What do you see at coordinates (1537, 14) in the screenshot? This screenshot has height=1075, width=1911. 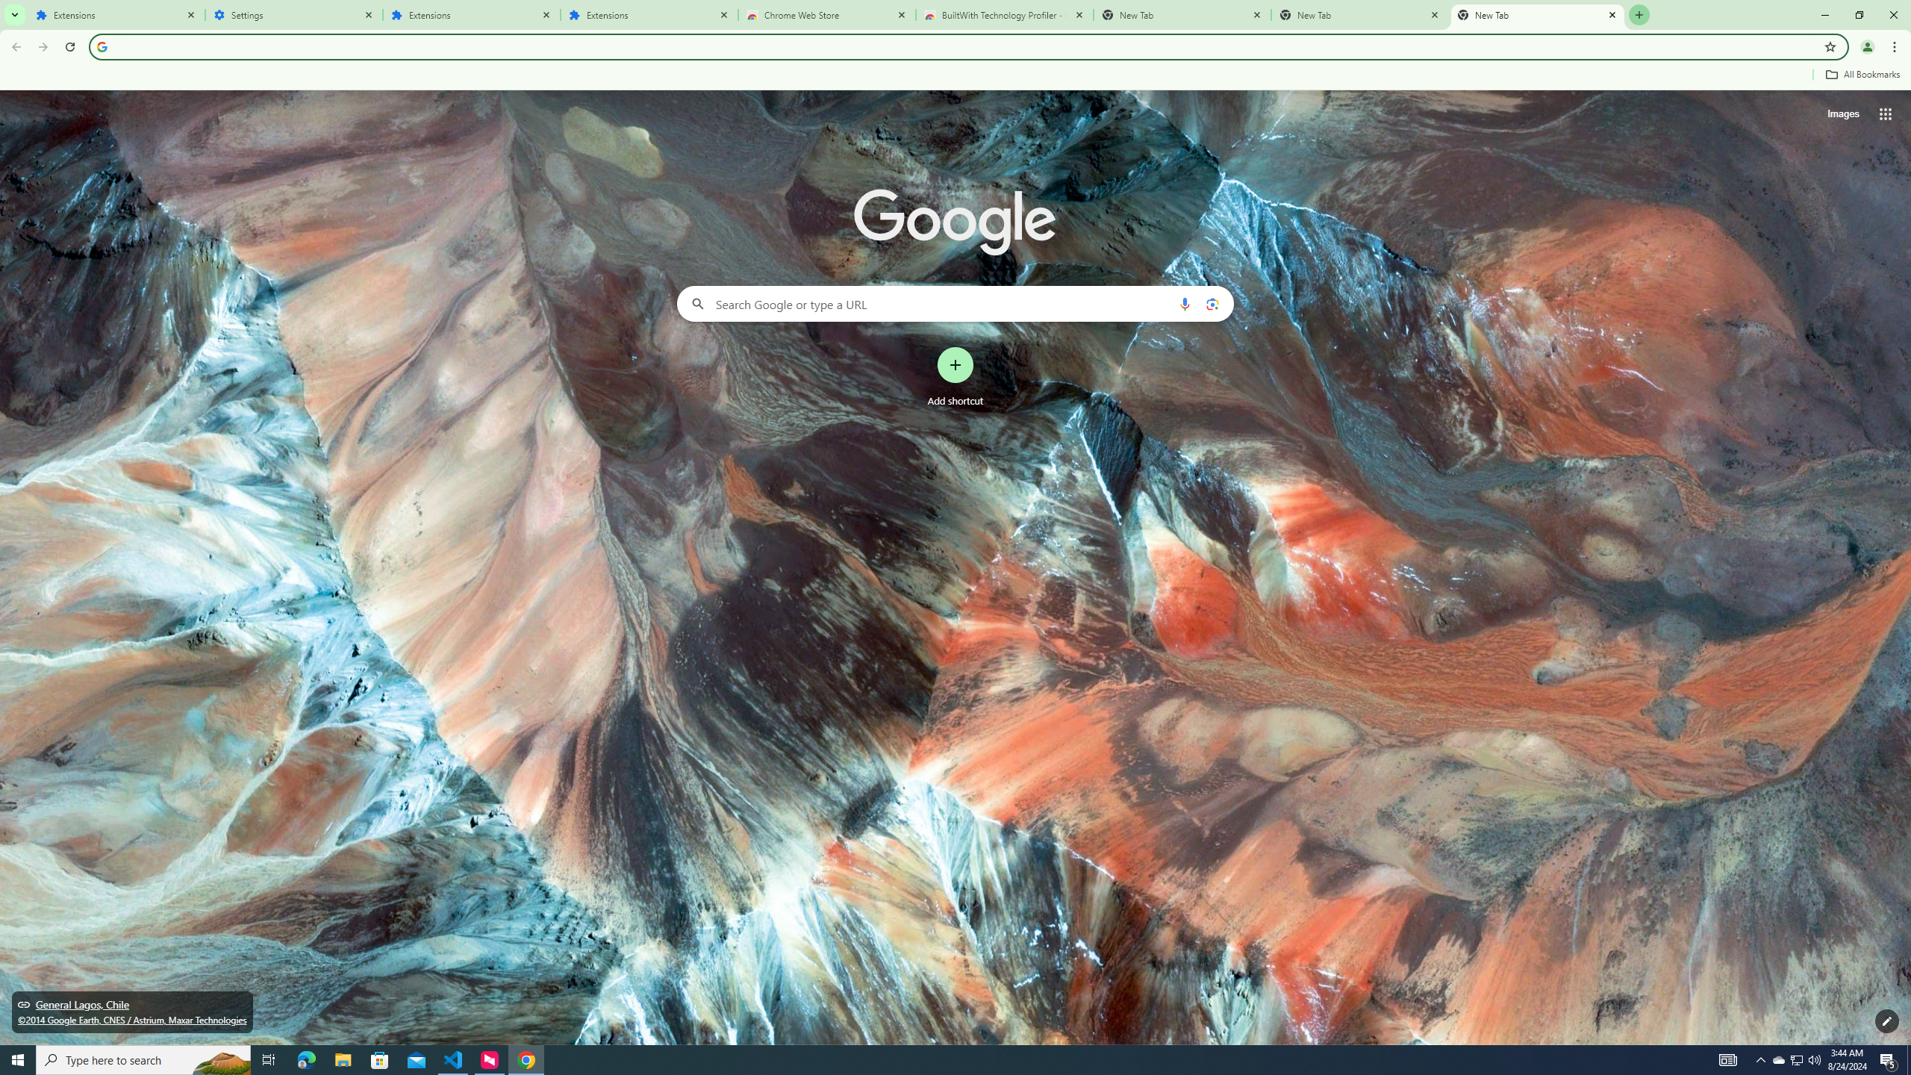 I see `'New Tab'` at bounding box center [1537, 14].